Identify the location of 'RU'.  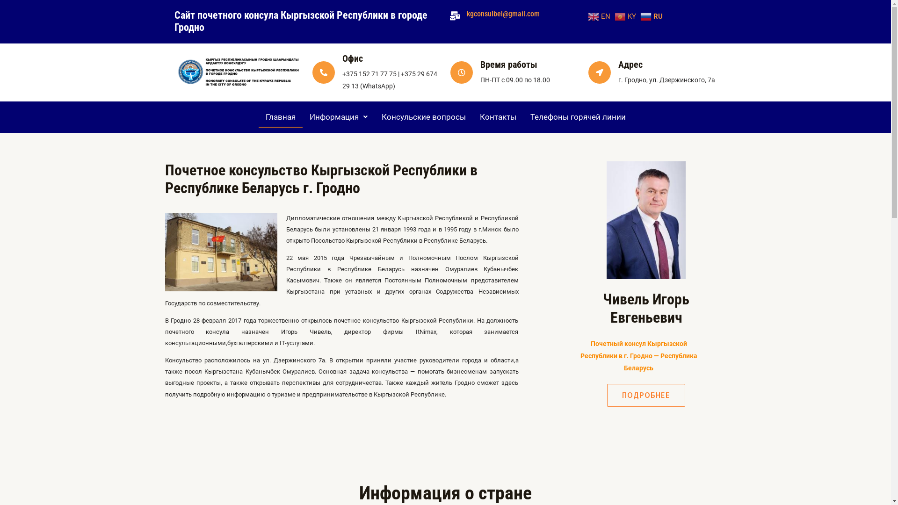
(652, 16).